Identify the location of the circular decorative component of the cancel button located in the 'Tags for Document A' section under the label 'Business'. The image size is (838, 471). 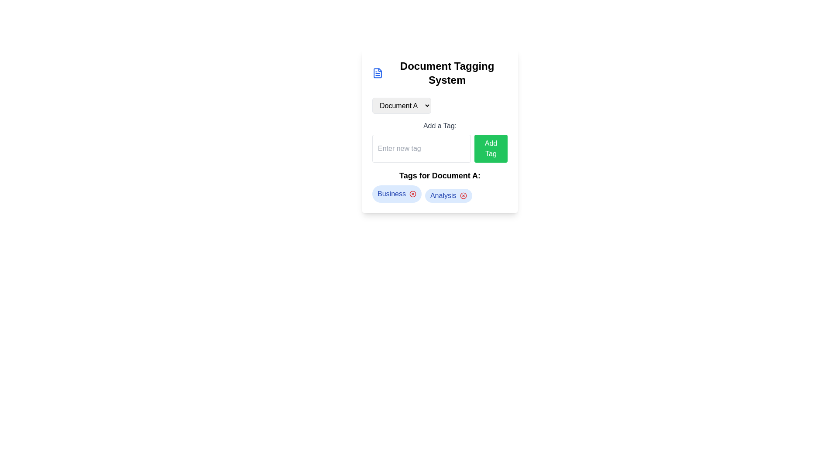
(463, 195).